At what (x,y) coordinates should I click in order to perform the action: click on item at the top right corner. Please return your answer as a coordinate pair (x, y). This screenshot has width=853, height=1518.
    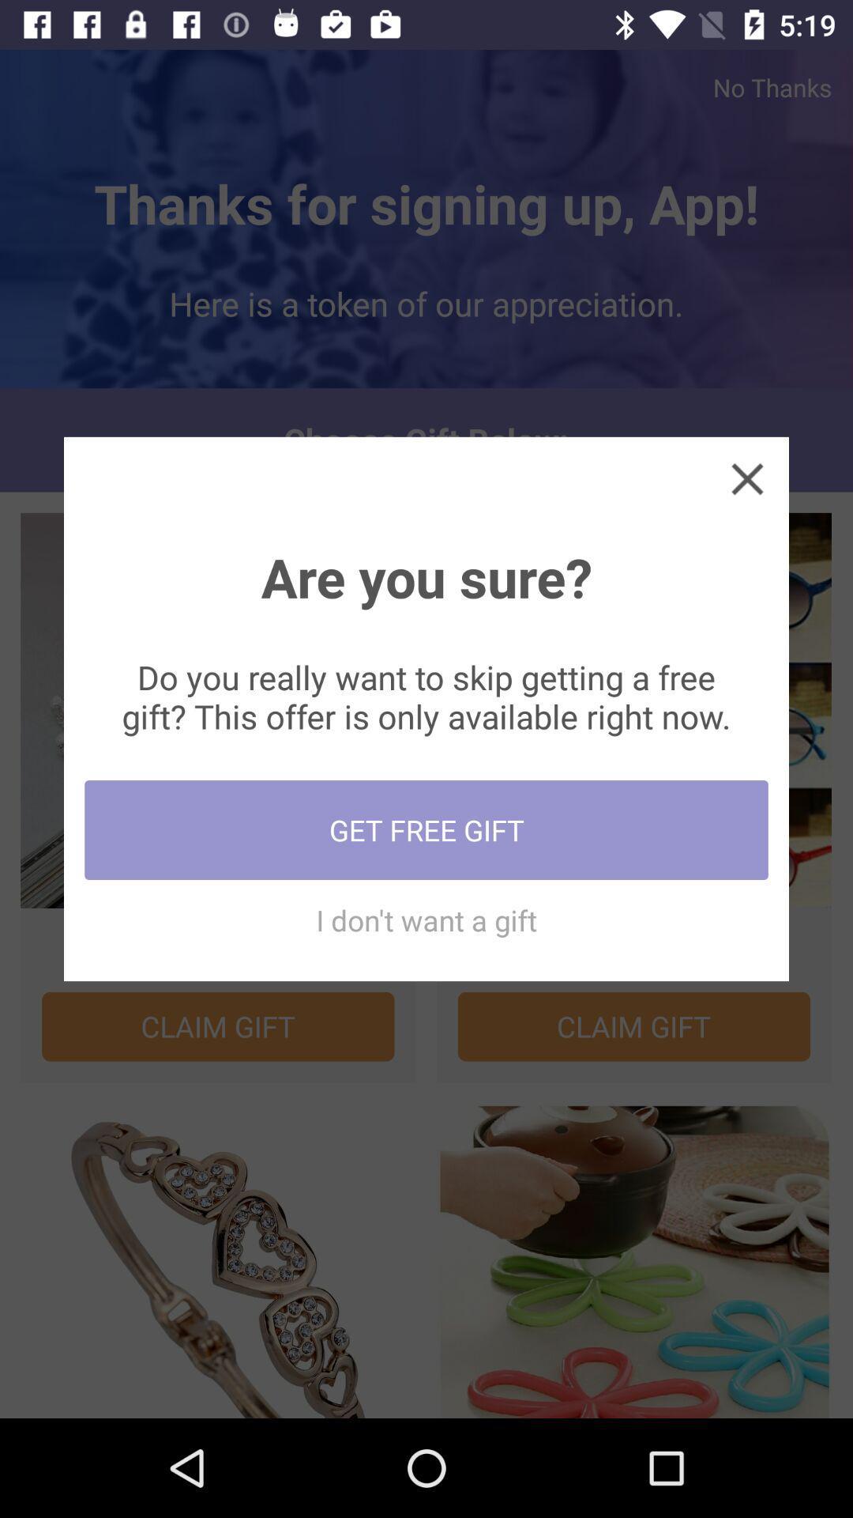
    Looking at the image, I should click on (746, 478).